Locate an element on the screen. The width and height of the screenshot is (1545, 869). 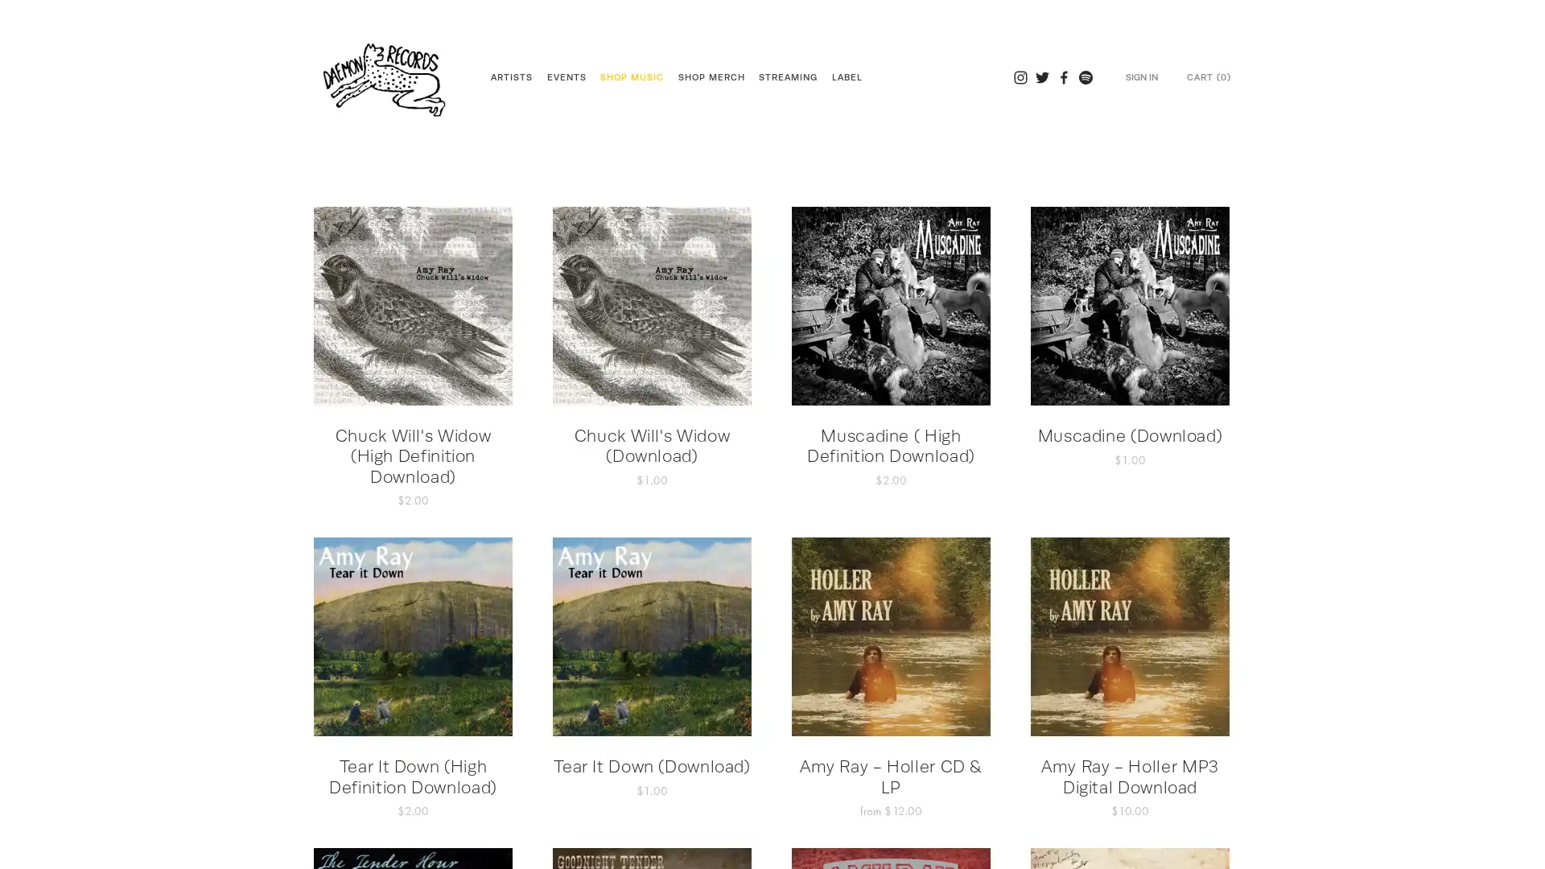
SIGN IN is located at coordinates (1141, 76).